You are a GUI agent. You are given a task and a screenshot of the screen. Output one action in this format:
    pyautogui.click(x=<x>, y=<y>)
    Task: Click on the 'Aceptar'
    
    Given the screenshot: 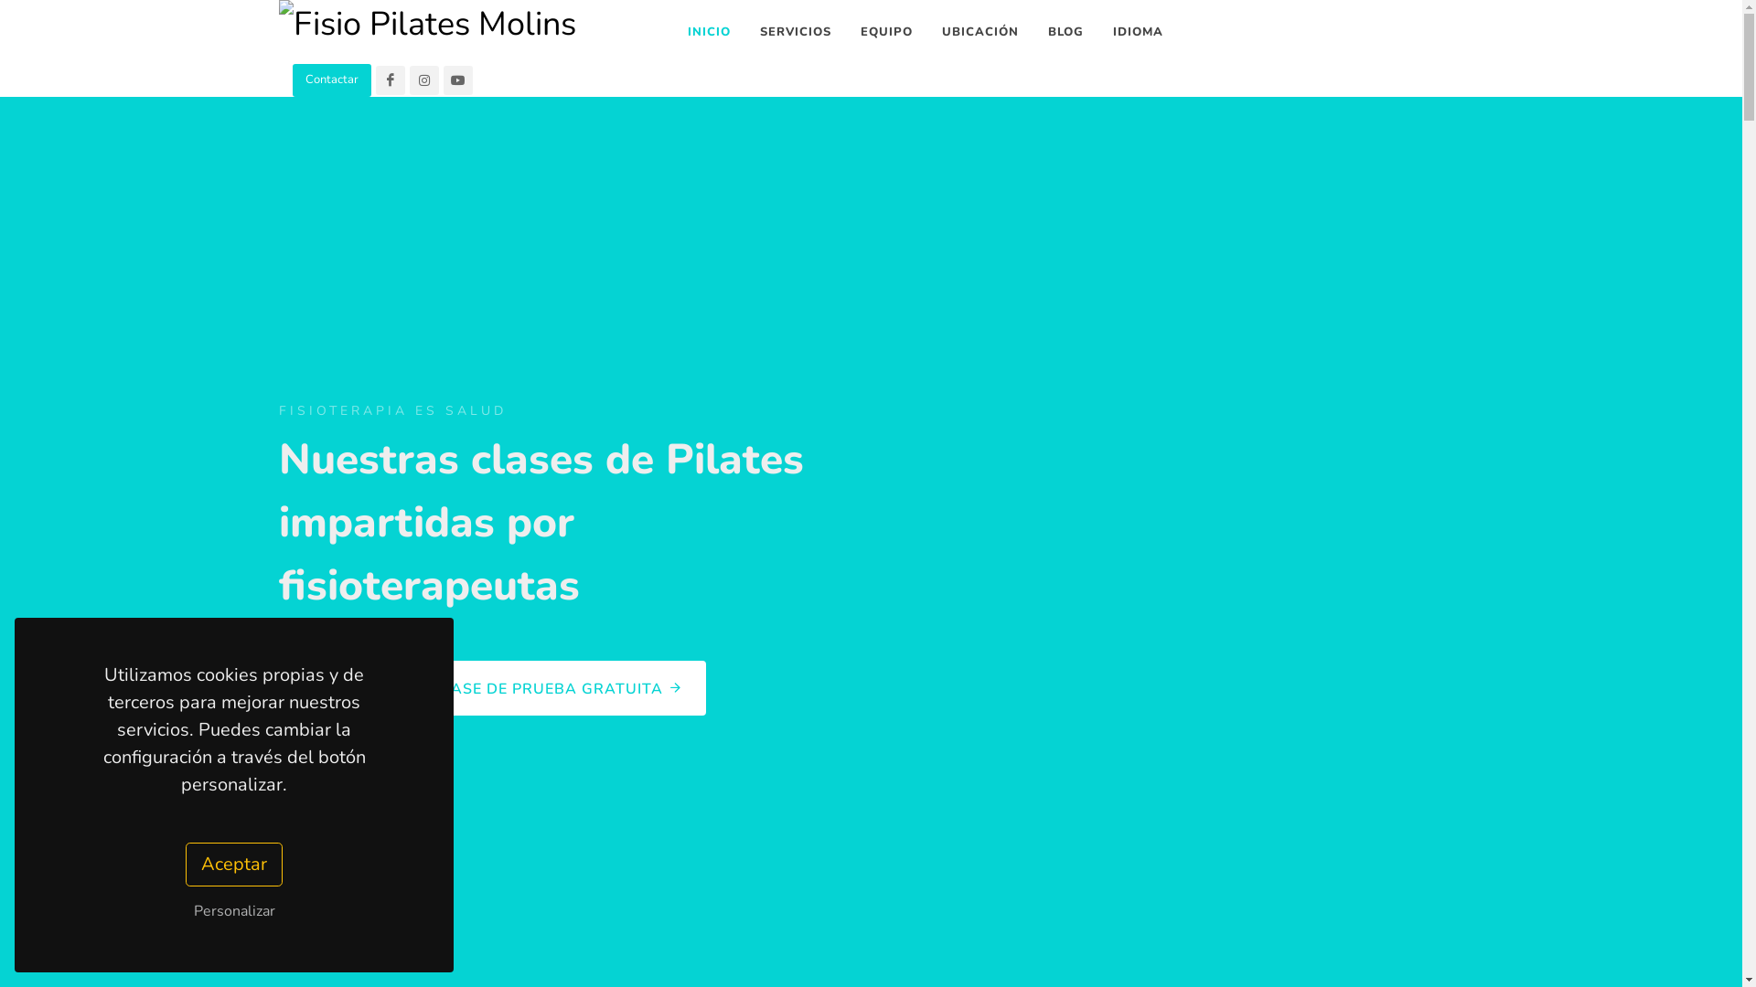 What is the action you would take?
    pyautogui.click(x=232, y=864)
    